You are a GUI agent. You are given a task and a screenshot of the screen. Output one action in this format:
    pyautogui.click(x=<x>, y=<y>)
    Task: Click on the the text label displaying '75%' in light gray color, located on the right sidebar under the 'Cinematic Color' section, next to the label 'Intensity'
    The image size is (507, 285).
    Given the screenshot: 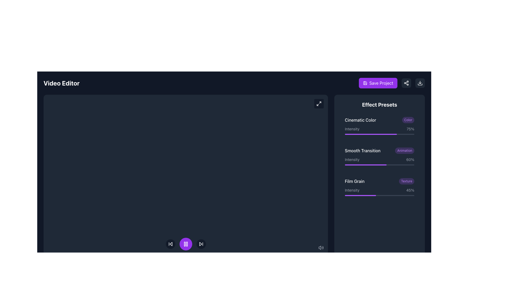 What is the action you would take?
    pyautogui.click(x=410, y=129)
    